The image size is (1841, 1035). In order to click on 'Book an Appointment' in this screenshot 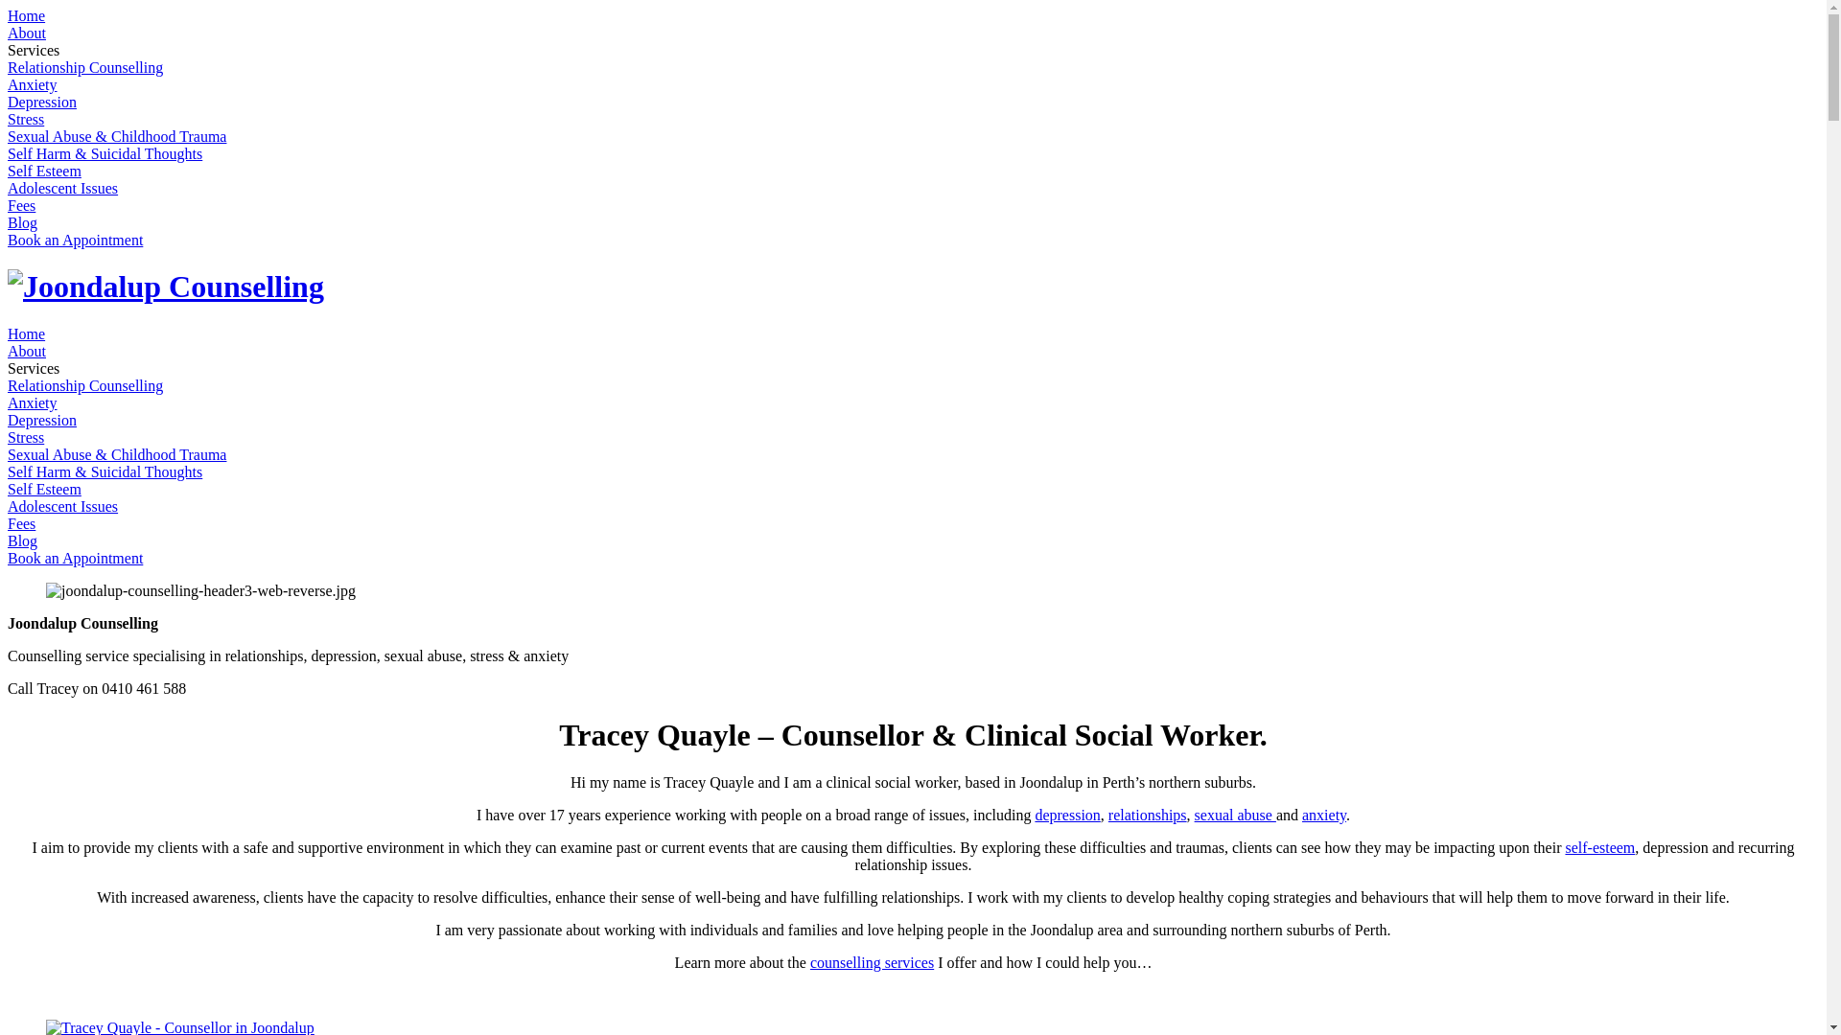, I will do `click(75, 239)`.